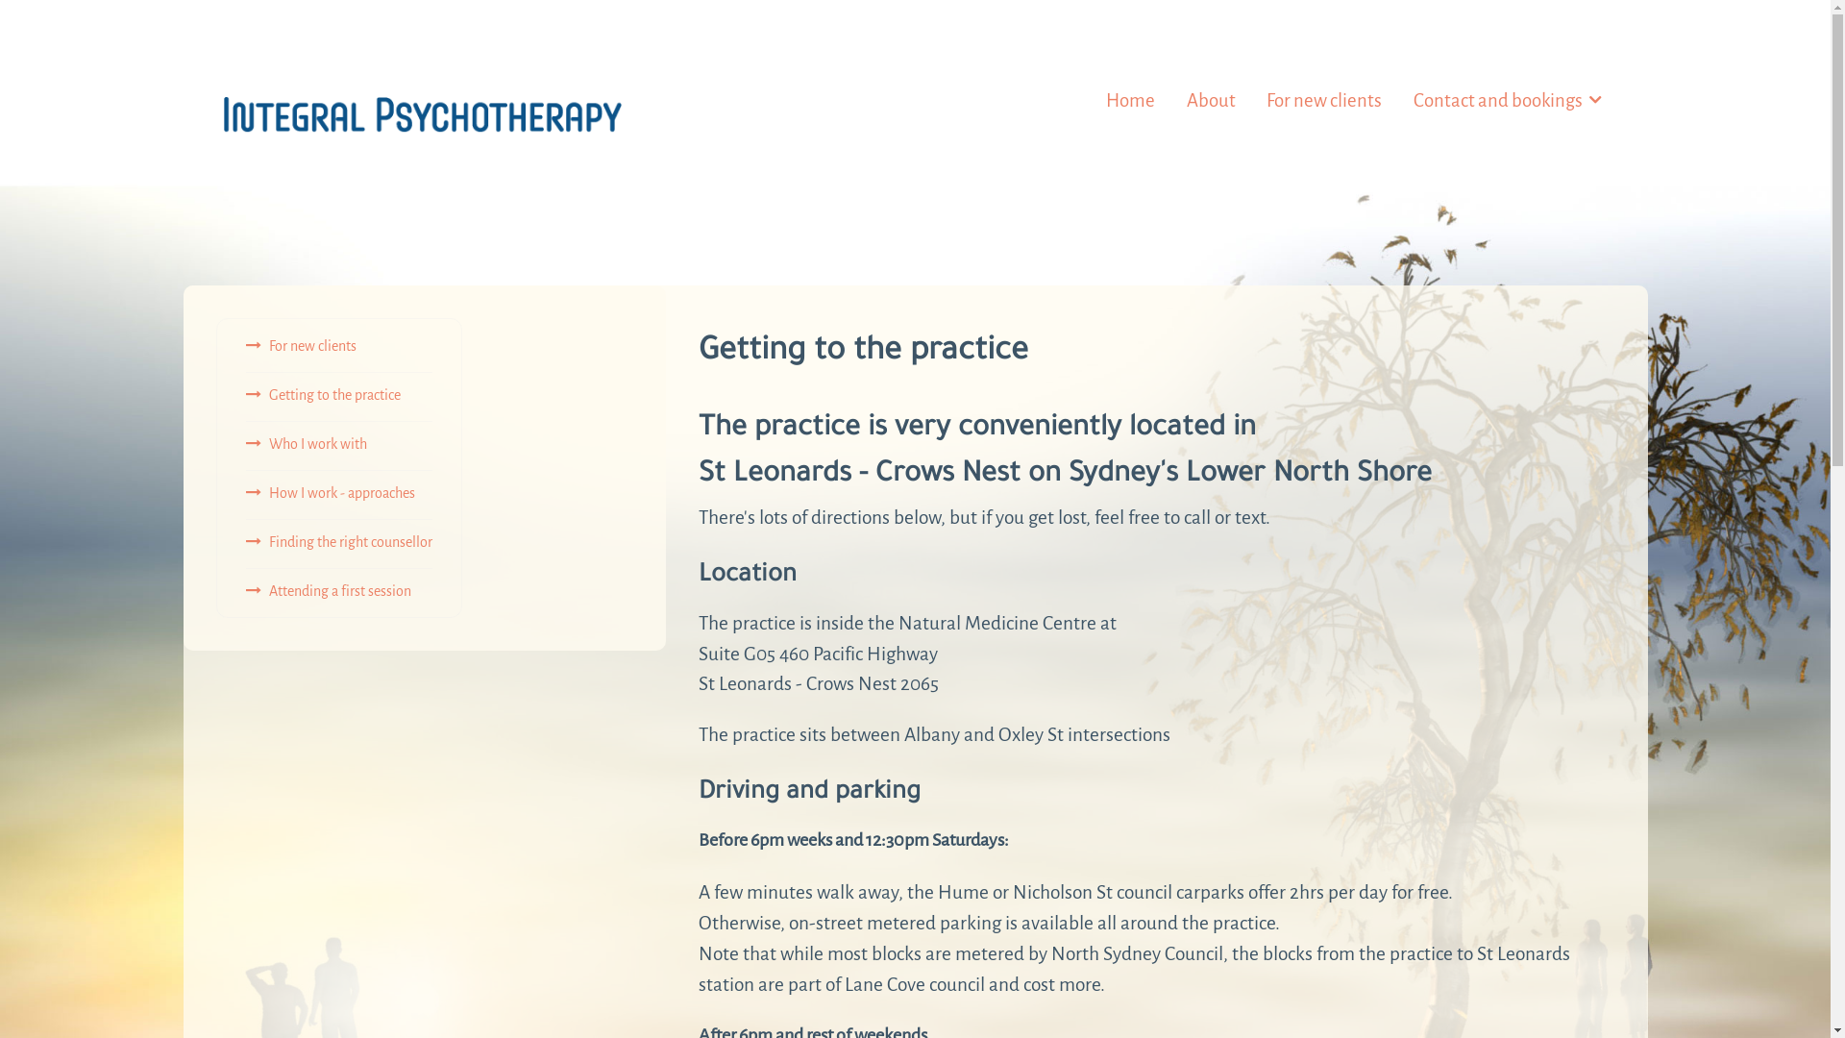 Image resolution: width=1845 pixels, height=1038 pixels. I want to click on 'For new clients', so click(300, 344).